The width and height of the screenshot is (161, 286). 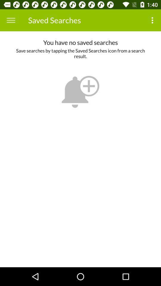 What do you see at coordinates (153, 20) in the screenshot?
I see `the icon next to the saved searches icon` at bounding box center [153, 20].